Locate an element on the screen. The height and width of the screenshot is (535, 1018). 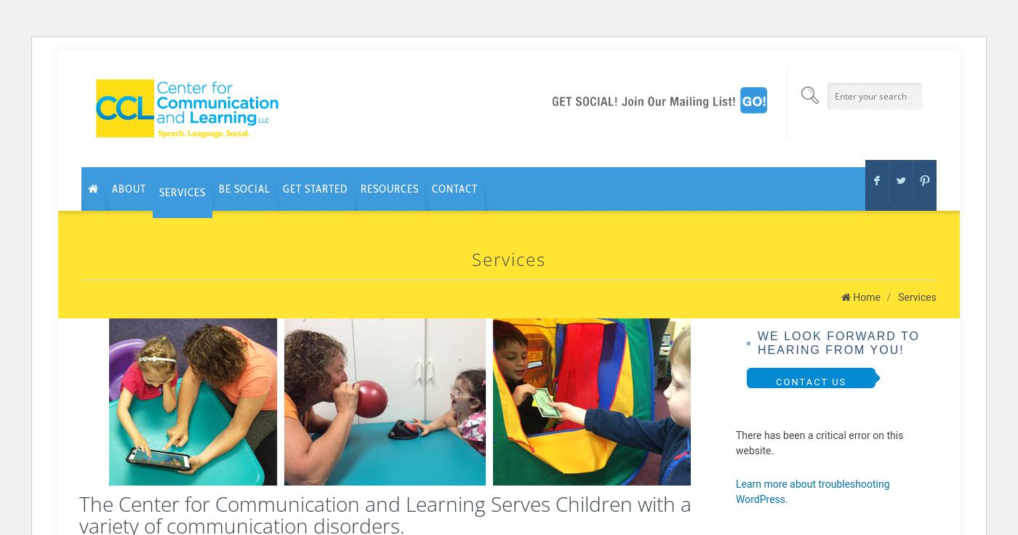
'Home' is located at coordinates (866, 296).